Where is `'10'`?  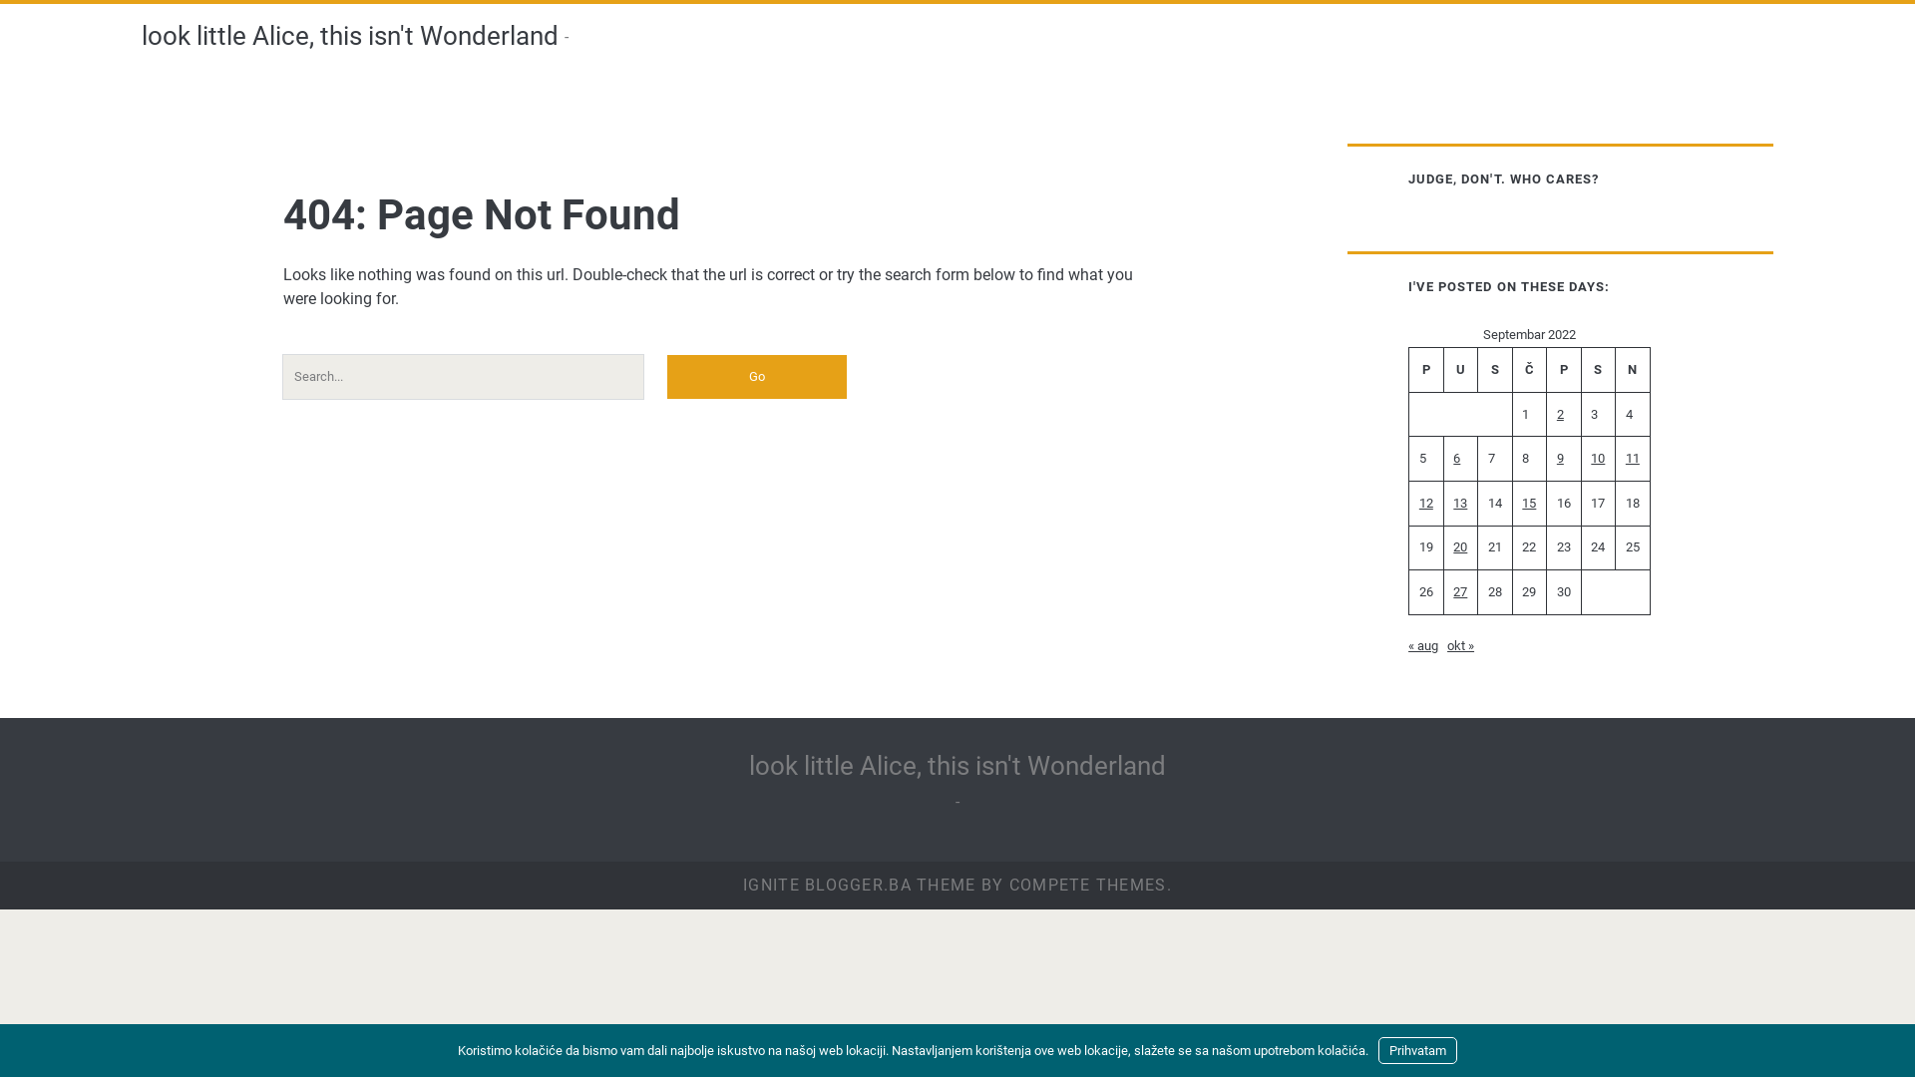 '10' is located at coordinates (1589, 458).